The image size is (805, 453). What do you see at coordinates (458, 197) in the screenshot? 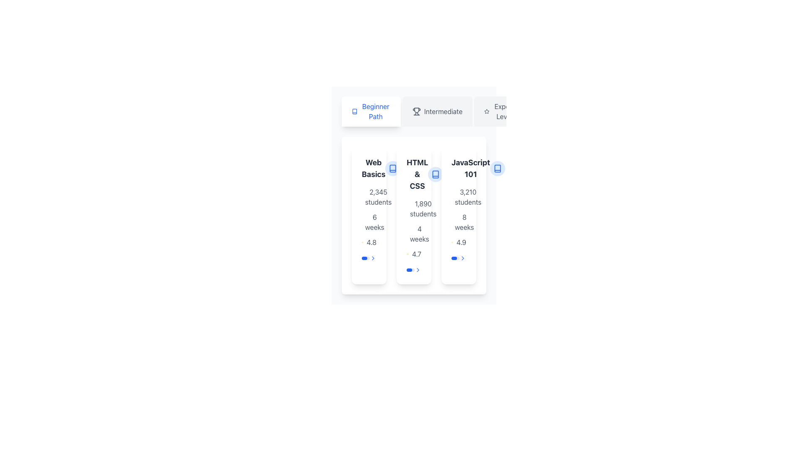
I see `the text label displaying the number of students for the 'JavaScript 101' course, which is located under the title within the course box` at bounding box center [458, 197].